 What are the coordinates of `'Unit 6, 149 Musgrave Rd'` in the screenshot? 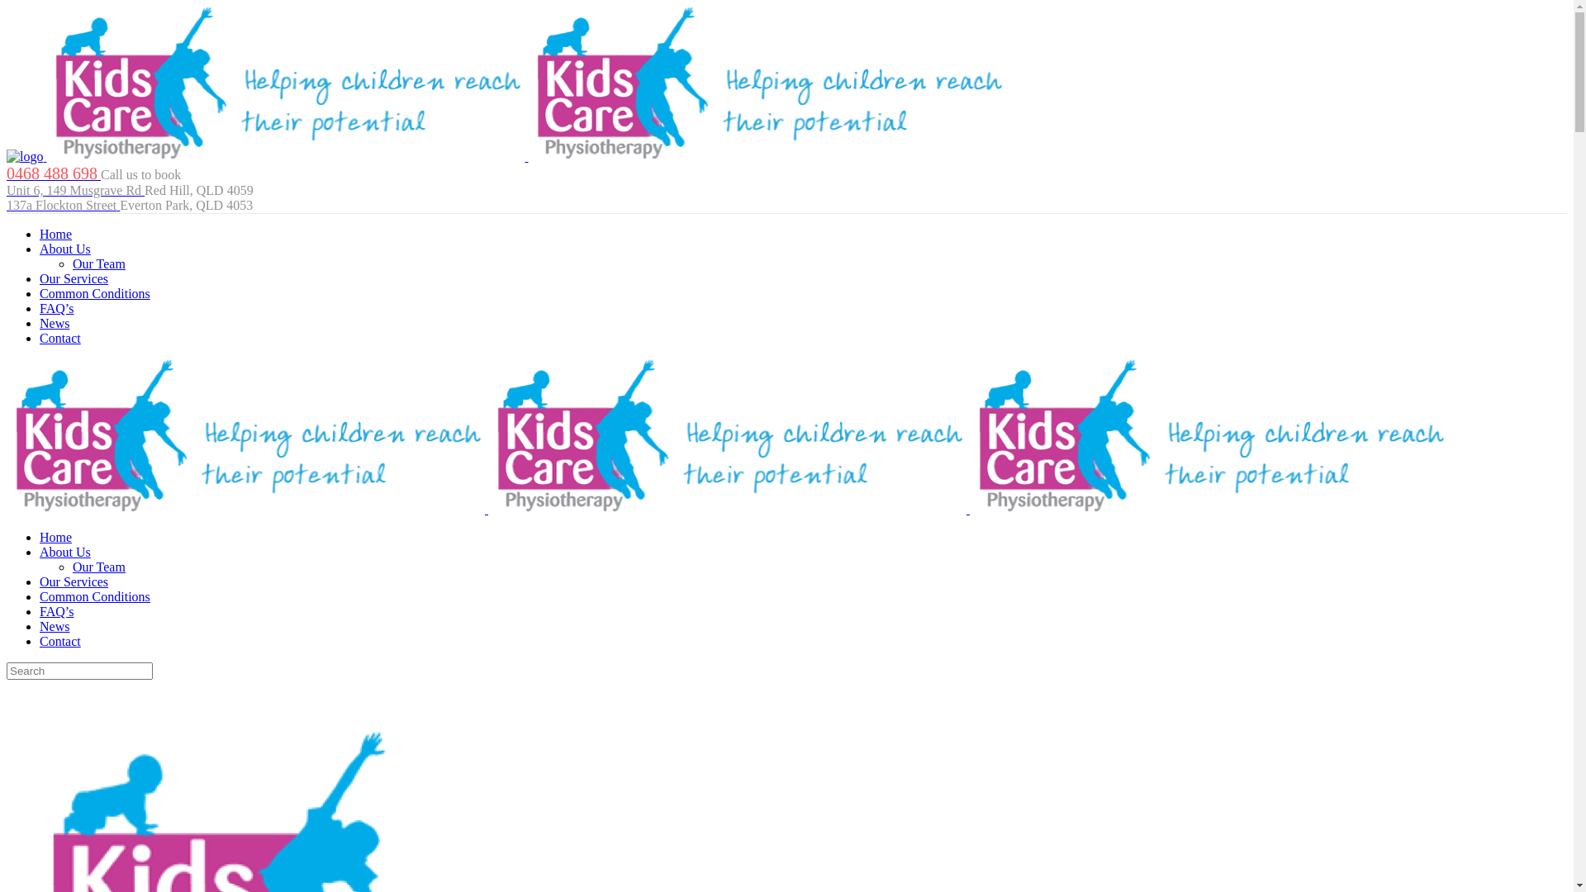 It's located at (74, 189).